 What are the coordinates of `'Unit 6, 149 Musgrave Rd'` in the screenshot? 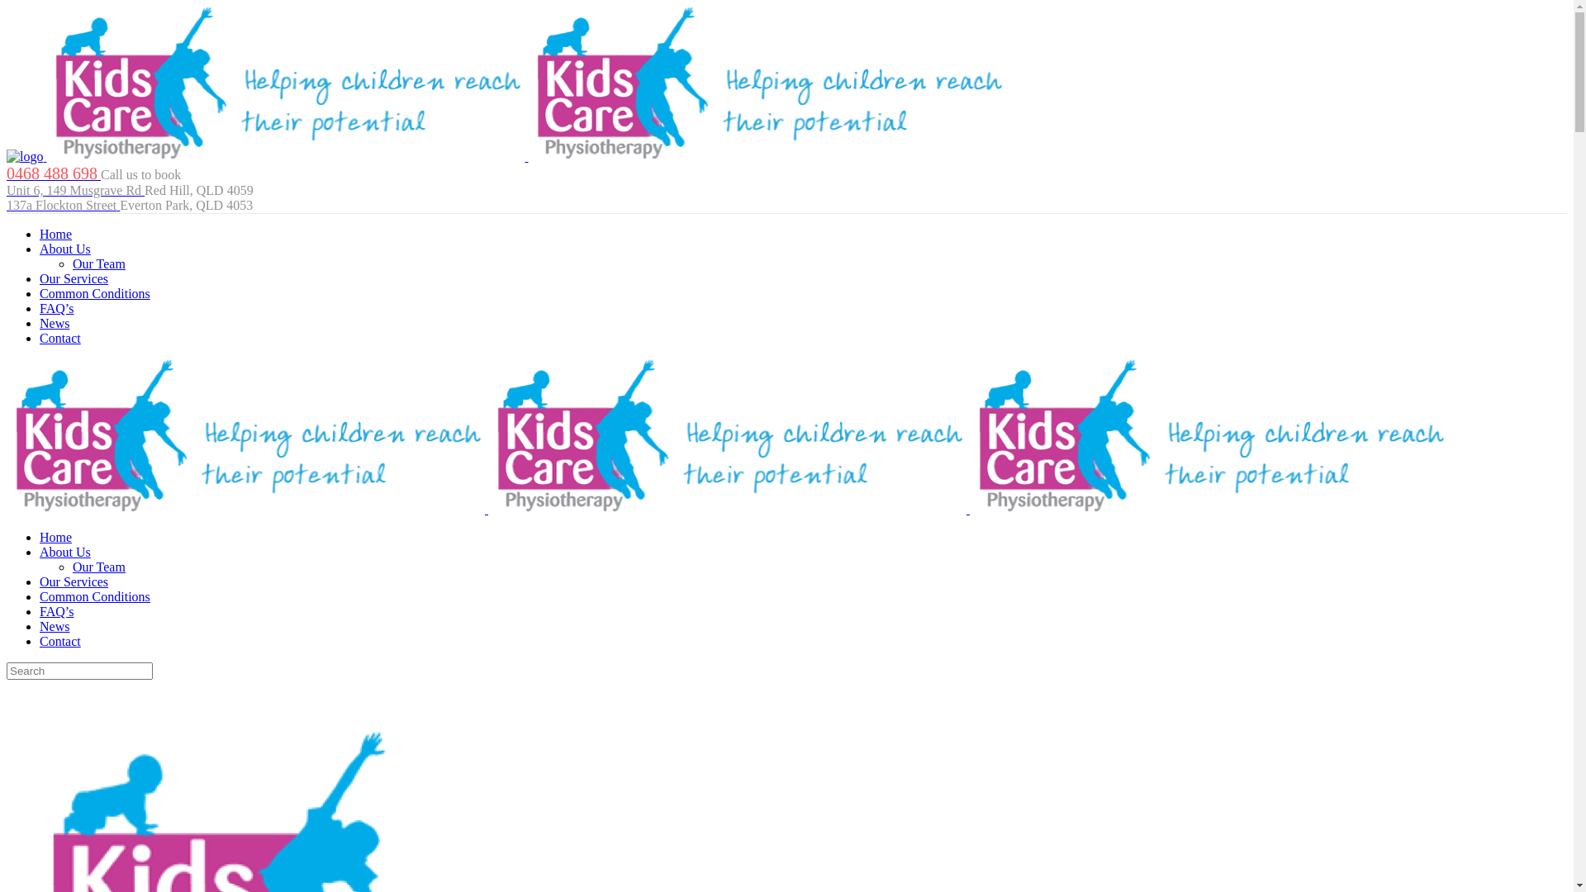 It's located at (74, 189).